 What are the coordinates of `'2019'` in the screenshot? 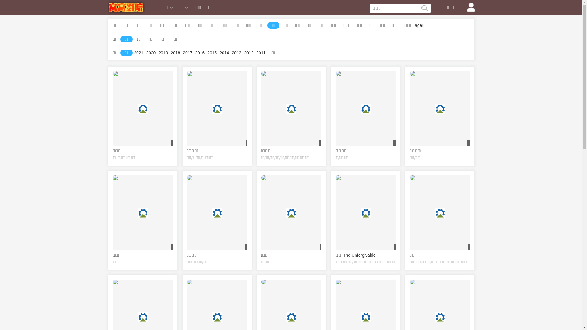 It's located at (163, 53).